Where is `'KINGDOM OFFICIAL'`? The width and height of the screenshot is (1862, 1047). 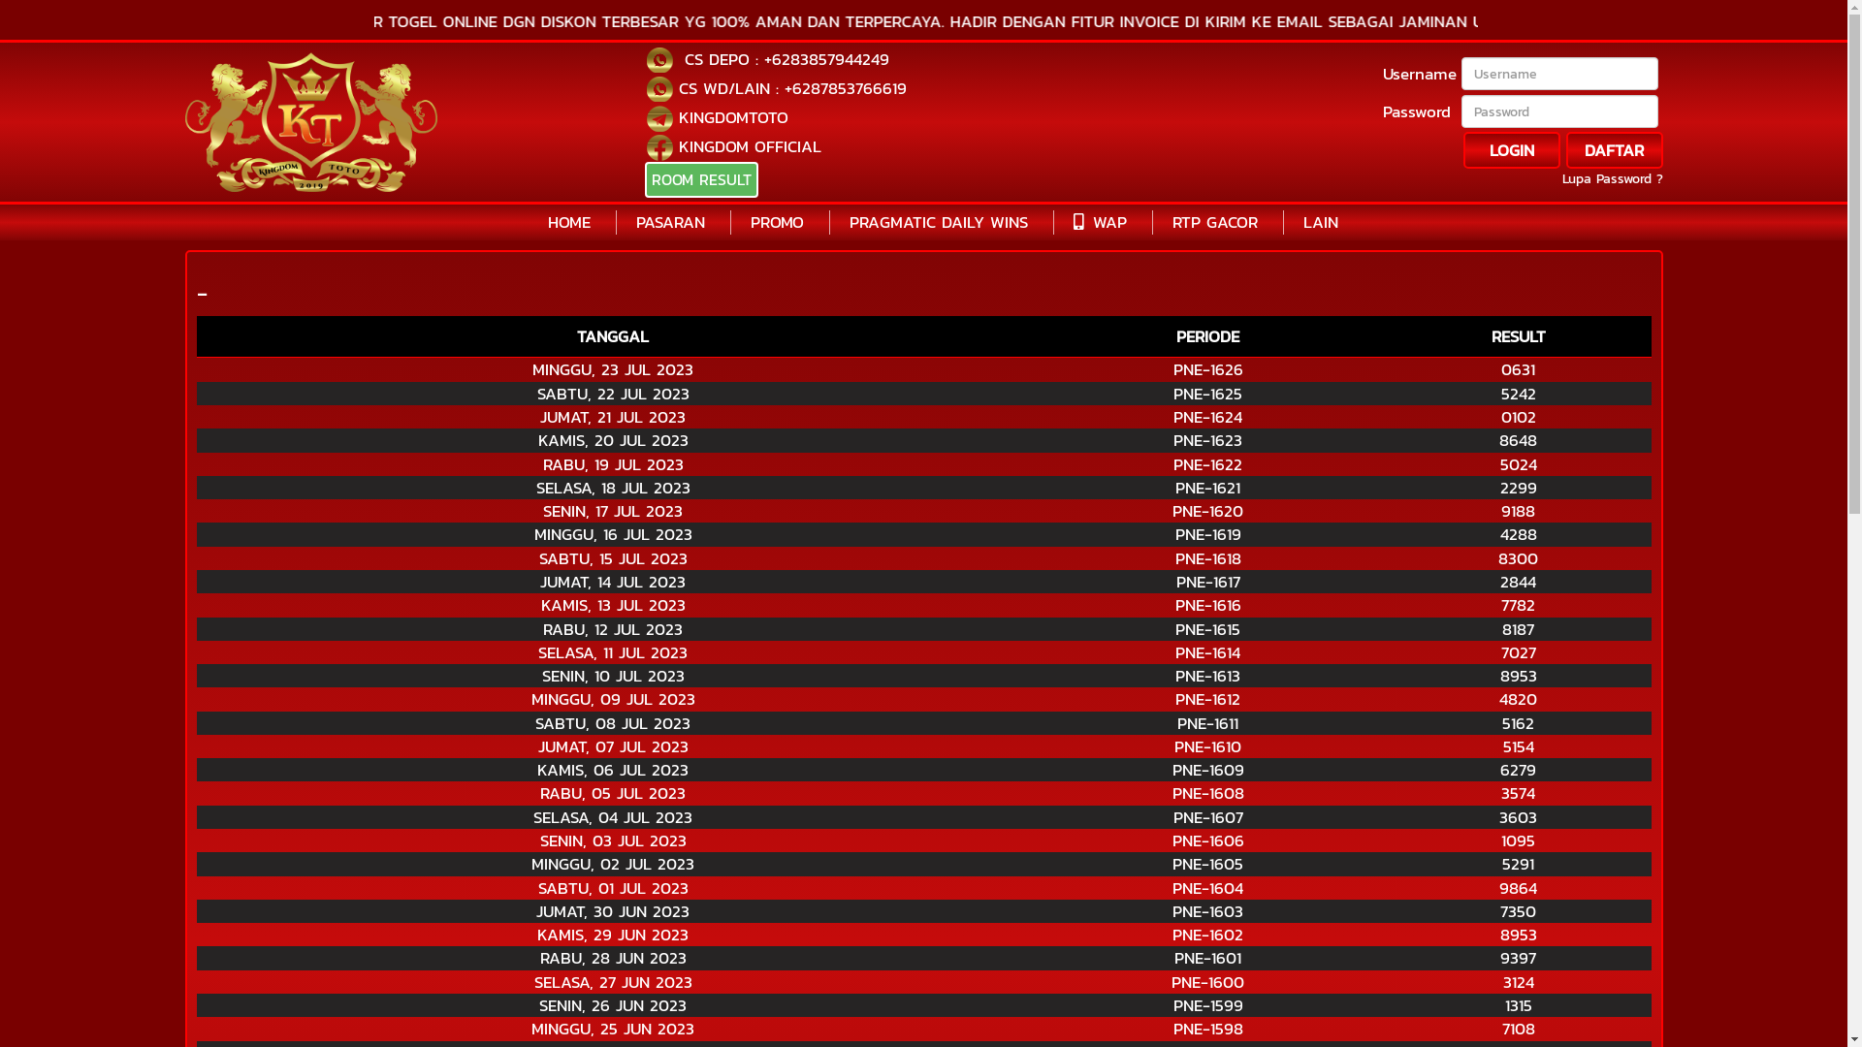 'KINGDOM OFFICIAL' is located at coordinates (749, 144).